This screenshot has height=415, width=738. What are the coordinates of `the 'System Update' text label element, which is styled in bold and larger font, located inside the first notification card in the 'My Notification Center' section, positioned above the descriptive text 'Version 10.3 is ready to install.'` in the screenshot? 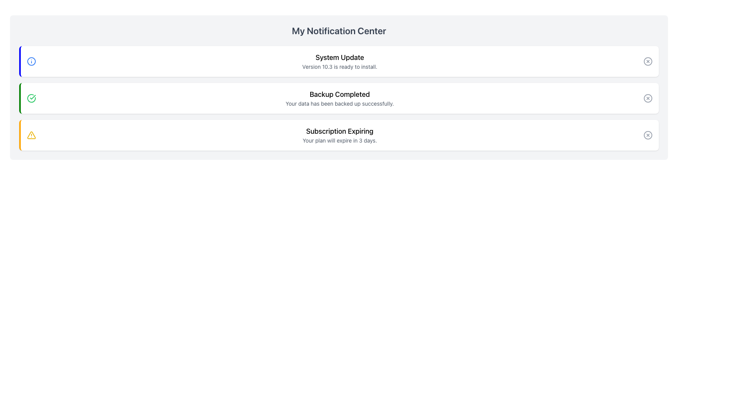 It's located at (339, 57).